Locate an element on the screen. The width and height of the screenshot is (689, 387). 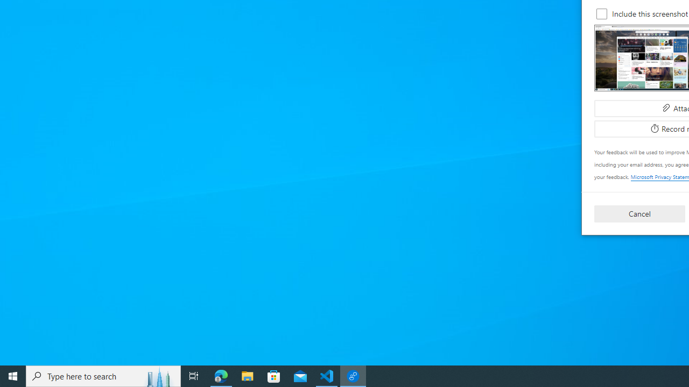
'Microsoft Store' is located at coordinates (274, 375).